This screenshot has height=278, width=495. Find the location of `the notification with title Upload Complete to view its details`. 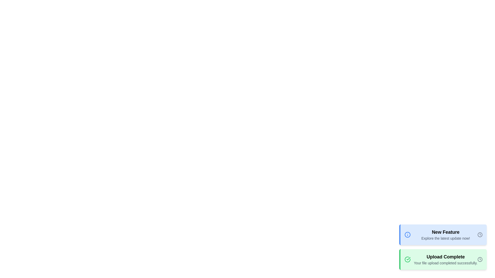

the notification with title Upload Complete to view its details is located at coordinates (443, 259).